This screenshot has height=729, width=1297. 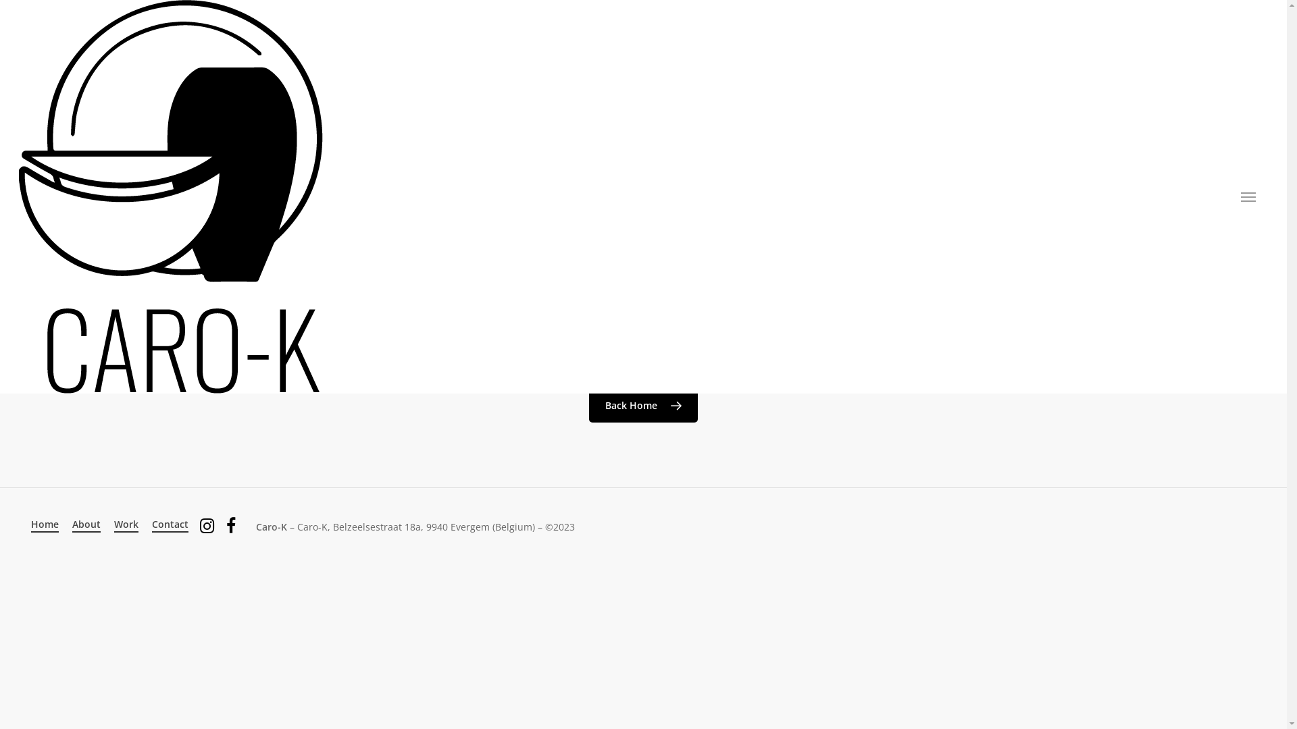 What do you see at coordinates (45, 523) in the screenshot?
I see `'Home'` at bounding box center [45, 523].